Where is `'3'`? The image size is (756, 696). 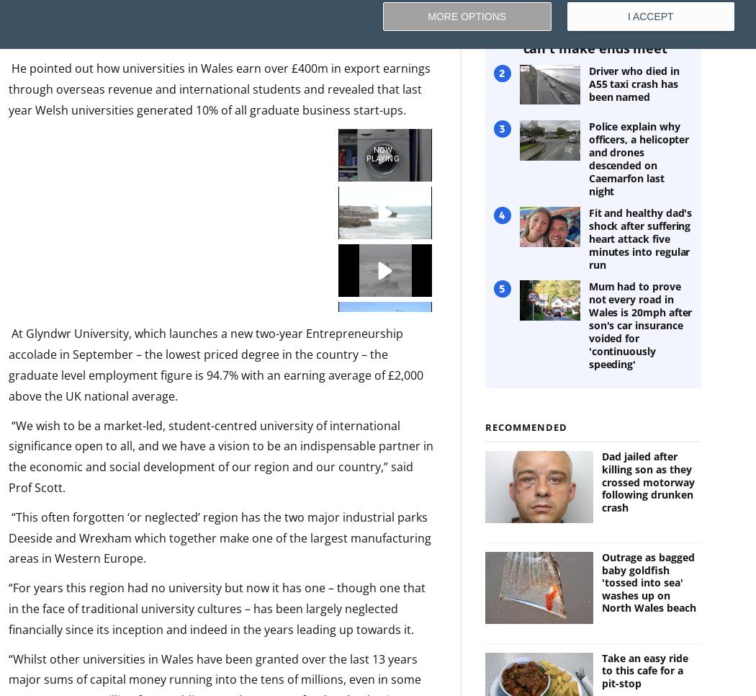
'3' is located at coordinates (502, 128).